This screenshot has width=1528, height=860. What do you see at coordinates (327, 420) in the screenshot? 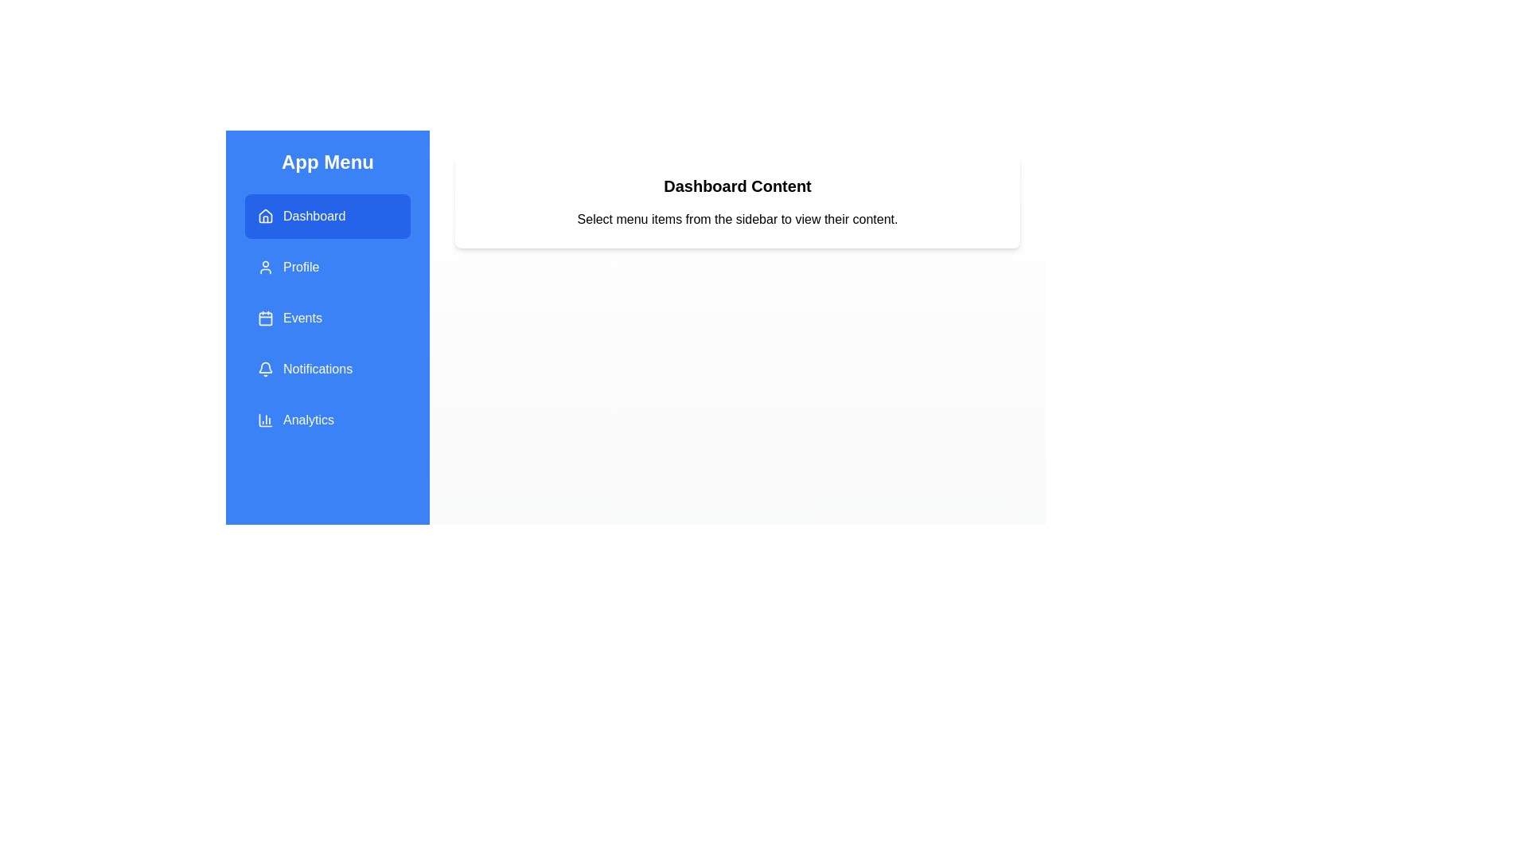
I see `the menu item Analytics from the sidebar` at bounding box center [327, 420].